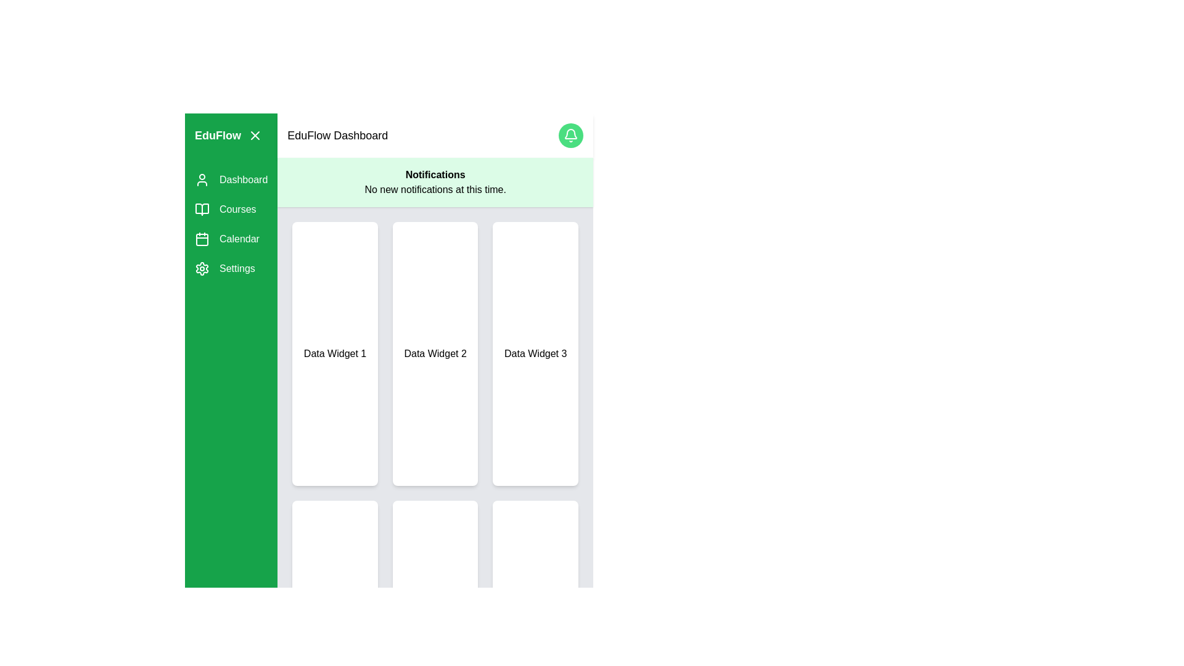 This screenshot has width=1184, height=666. What do you see at coordinates (255, 135) in the screenshot?
I see `the small, square-shaped close button with an 'X' icon on the right side of the 'EduFlow' header` at bounding box center [255, 135].